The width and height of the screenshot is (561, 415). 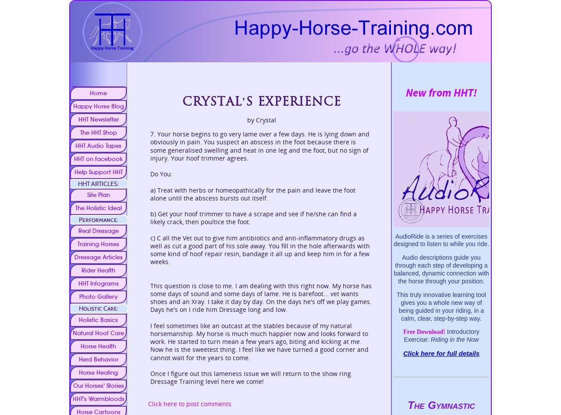 I want to click on 'Riding in the Now', so click(x=454, y=339).